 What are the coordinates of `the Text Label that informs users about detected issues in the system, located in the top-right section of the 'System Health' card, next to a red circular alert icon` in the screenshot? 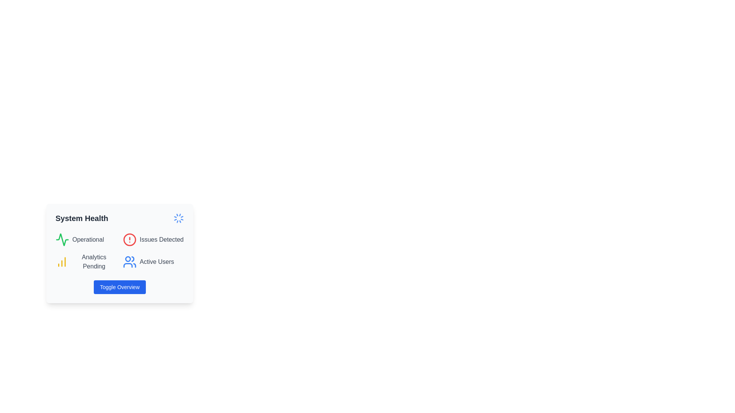 It's located at (161, 239).